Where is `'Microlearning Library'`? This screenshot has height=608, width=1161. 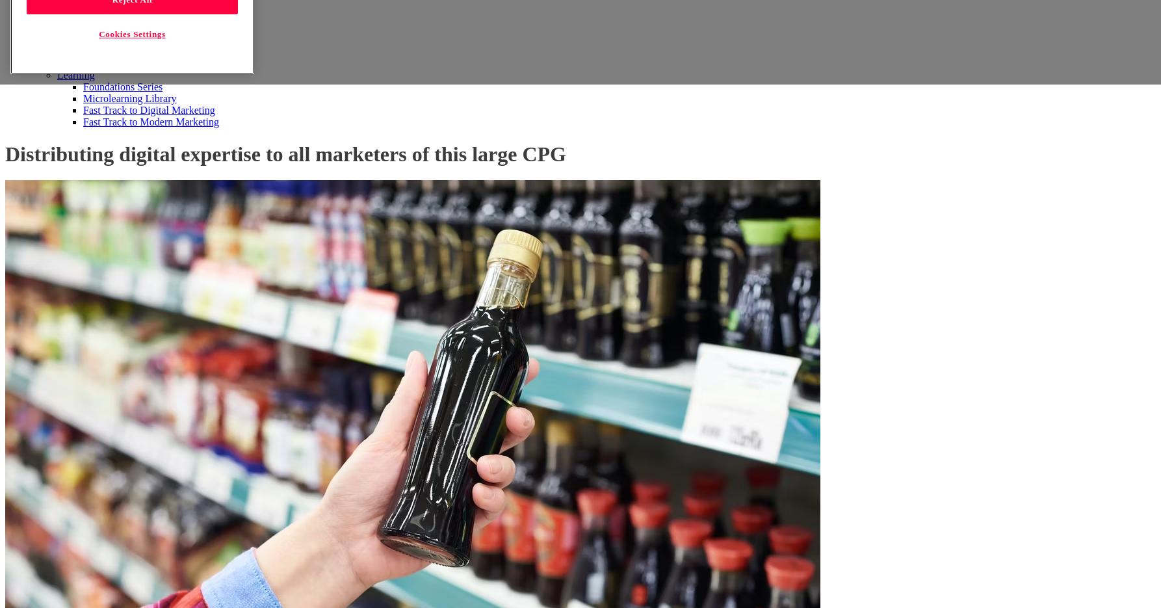
'Microlearning Library' is located at coordinates (129, 98).